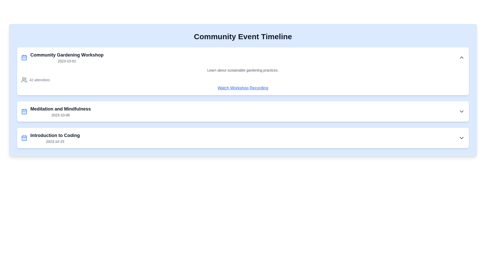 The image size is (490, 275). What do you see at coordinates (242, 70) in the screenshot?
I see `the text label displaying 'Learn about sustainable gardening practices.' which is styled with a gray font and located above the '42 attendees' text` at bounding box center [242, 70].